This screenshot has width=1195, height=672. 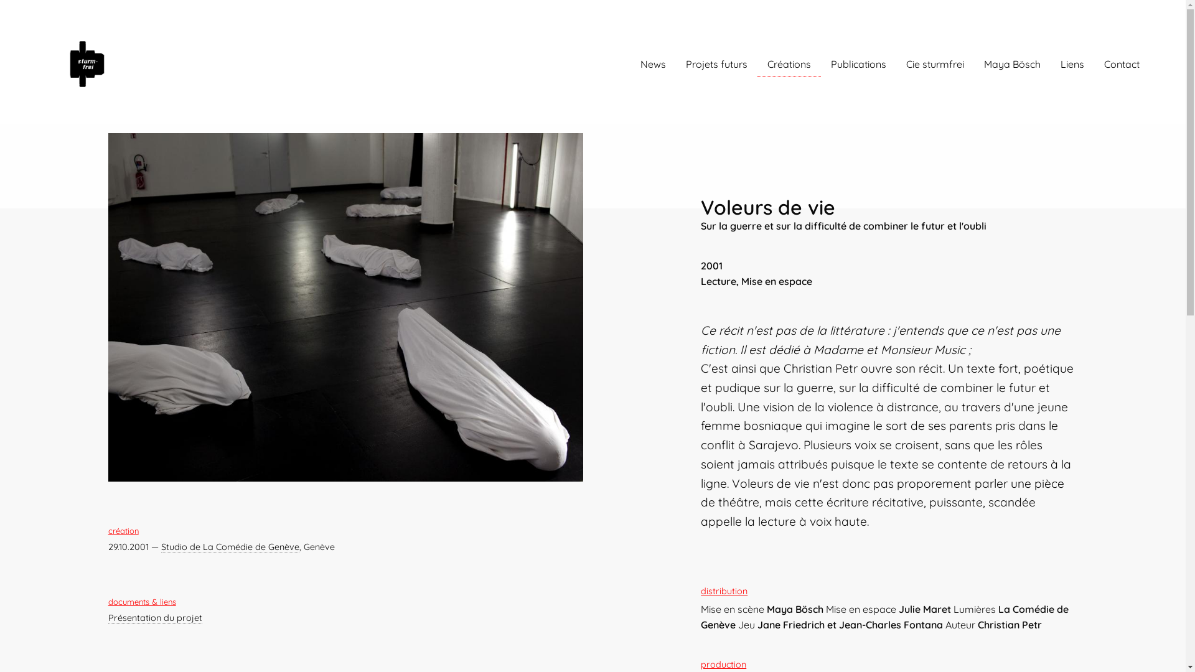 I want to click on 'News', so click(x=652, y=64).